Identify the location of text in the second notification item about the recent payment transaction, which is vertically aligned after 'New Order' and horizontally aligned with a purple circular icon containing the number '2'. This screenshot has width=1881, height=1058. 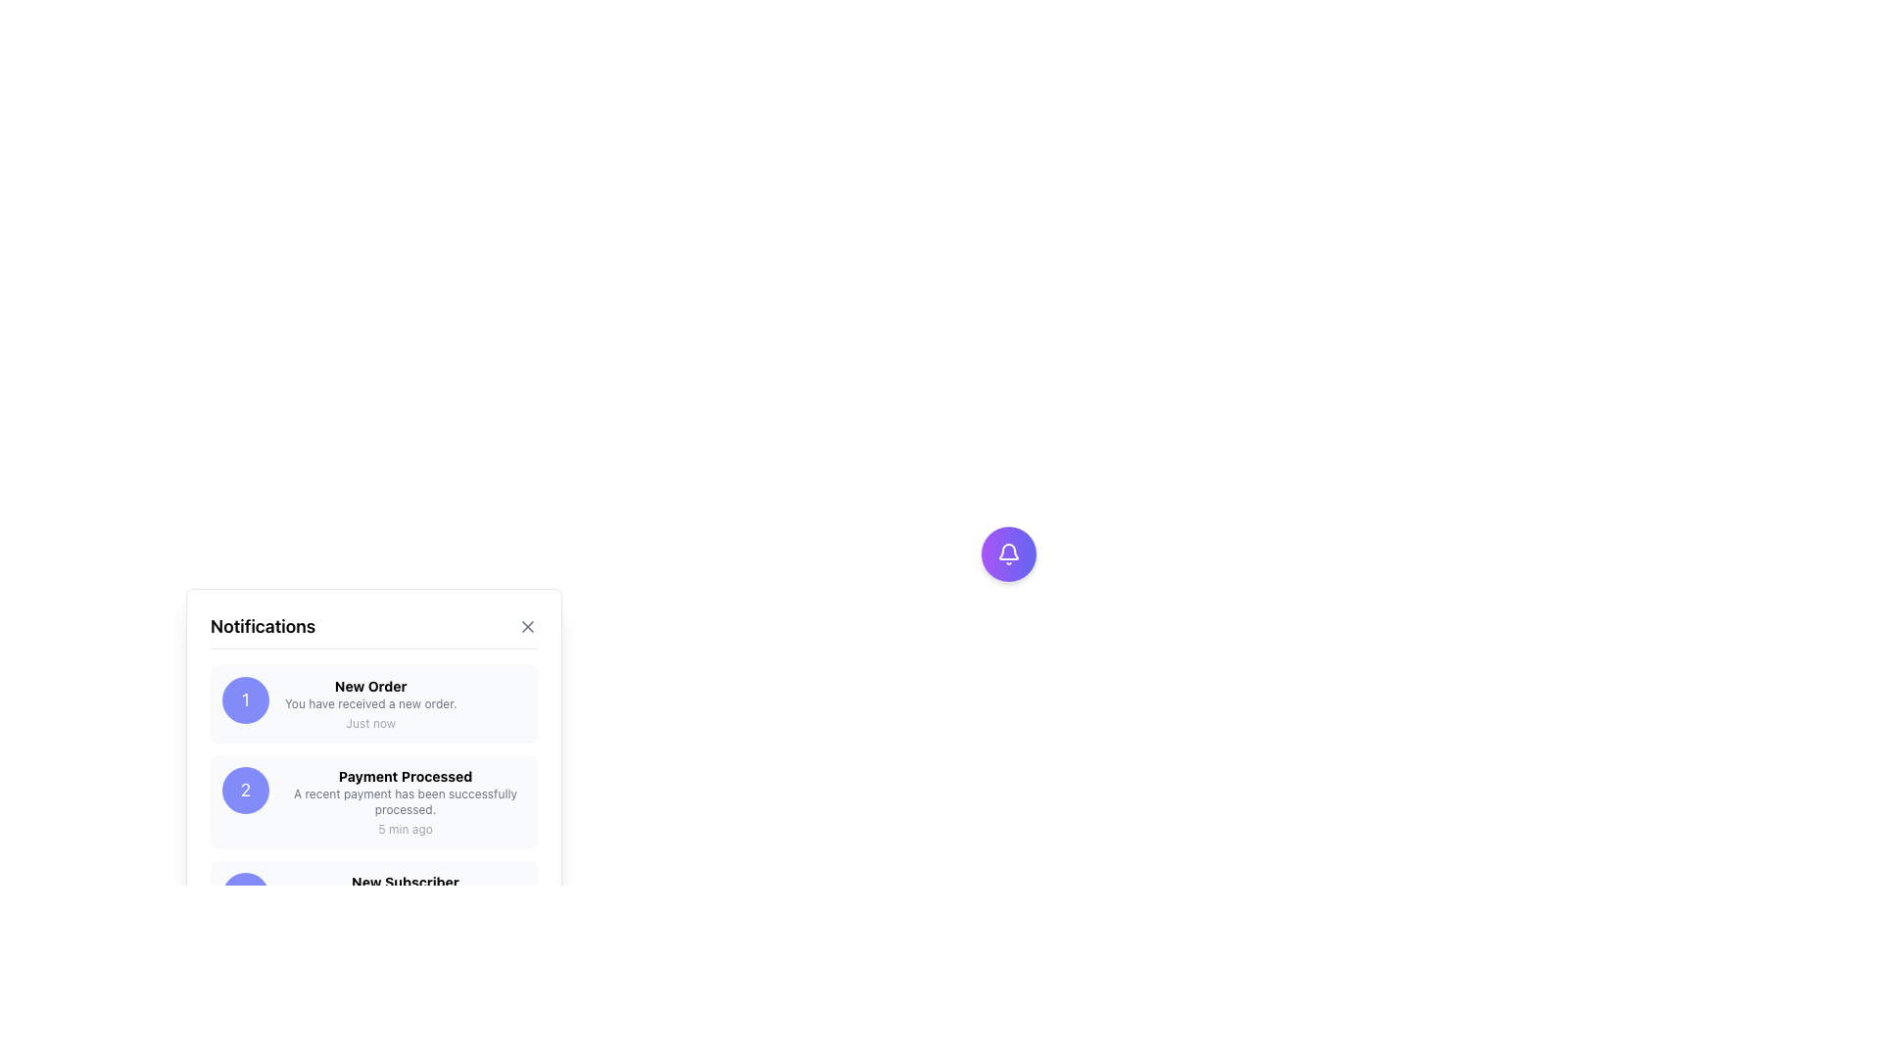
(404, 801).